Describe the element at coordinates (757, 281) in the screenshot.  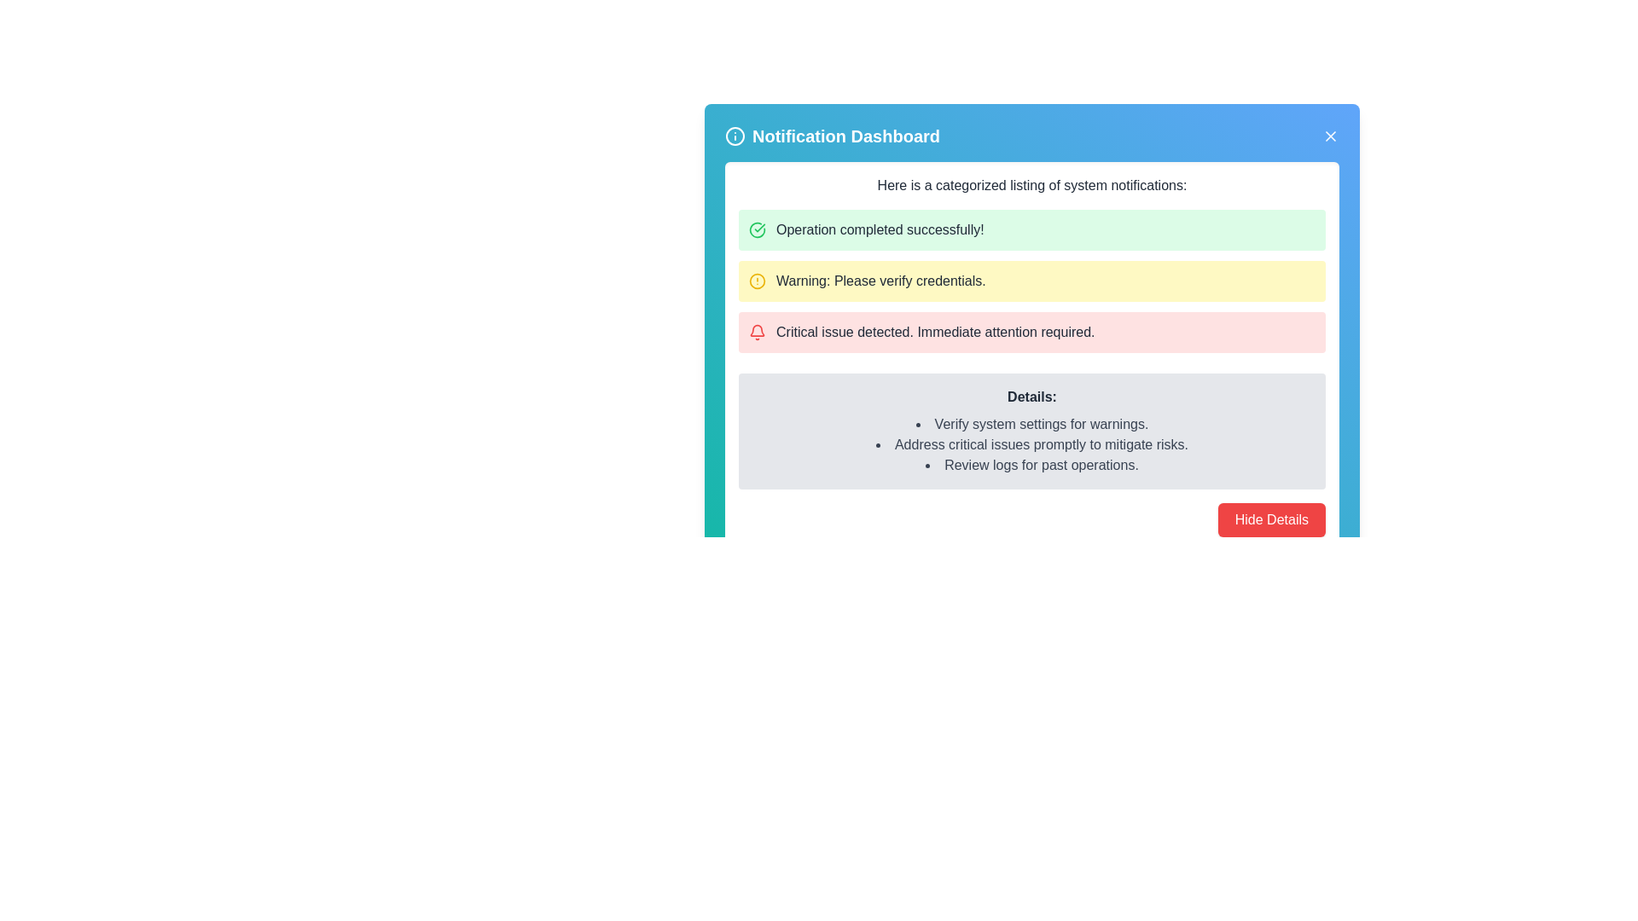
I see `the warning icon indicating a warning status` at that location.